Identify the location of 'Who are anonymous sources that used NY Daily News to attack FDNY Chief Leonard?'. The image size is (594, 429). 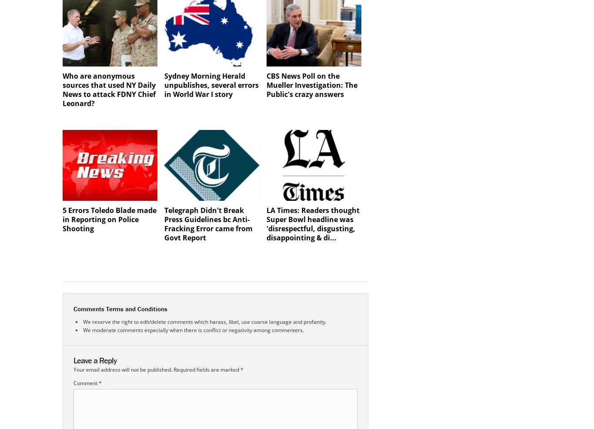
(109, 89).